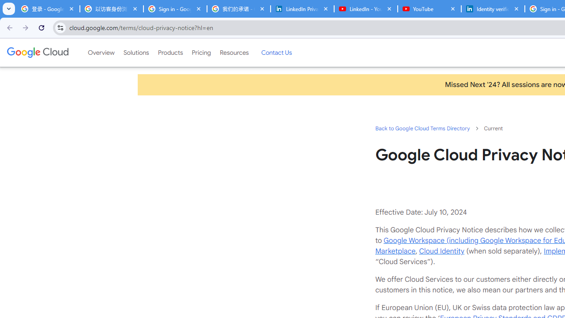  Describe the element at coordinates (170, 53) in the screenshot. I see `'Products'` at that location.